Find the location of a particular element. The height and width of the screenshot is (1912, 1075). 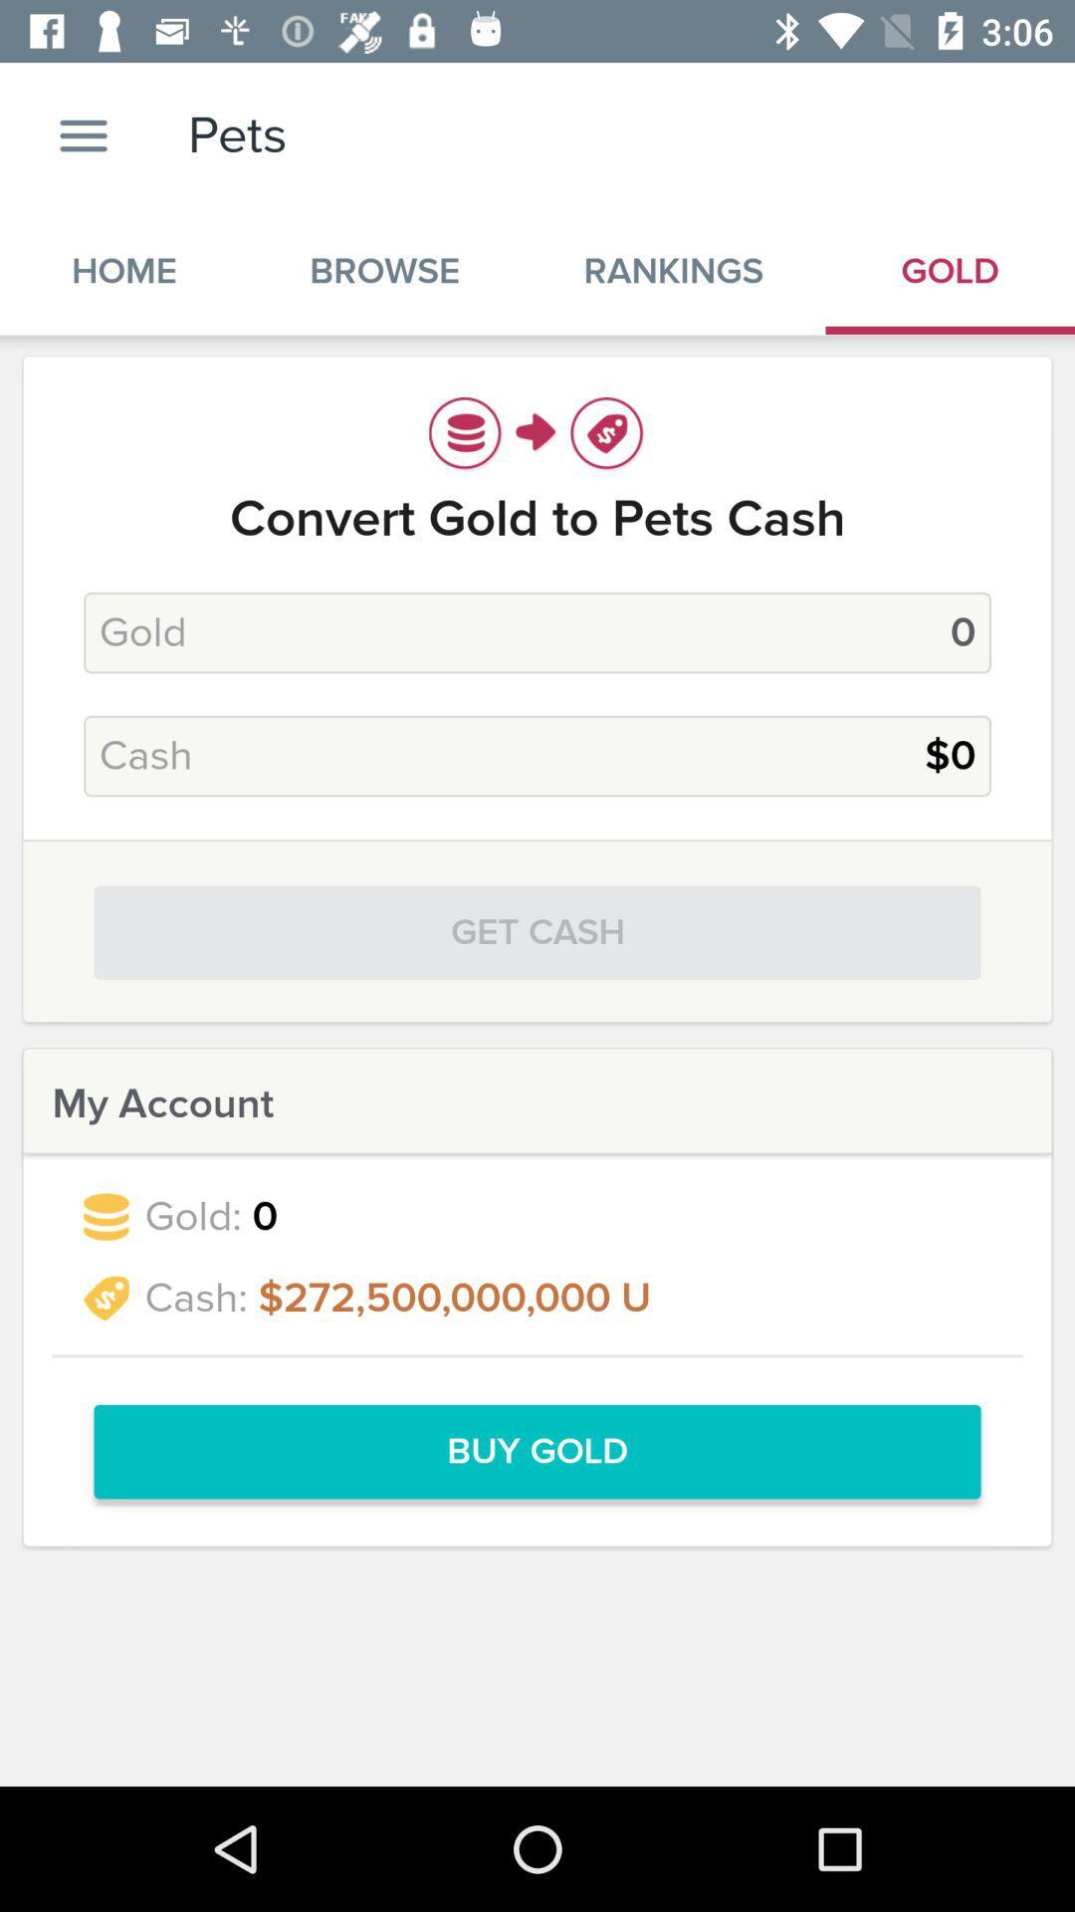

item next to pets item is located at coordinates (83, 134).